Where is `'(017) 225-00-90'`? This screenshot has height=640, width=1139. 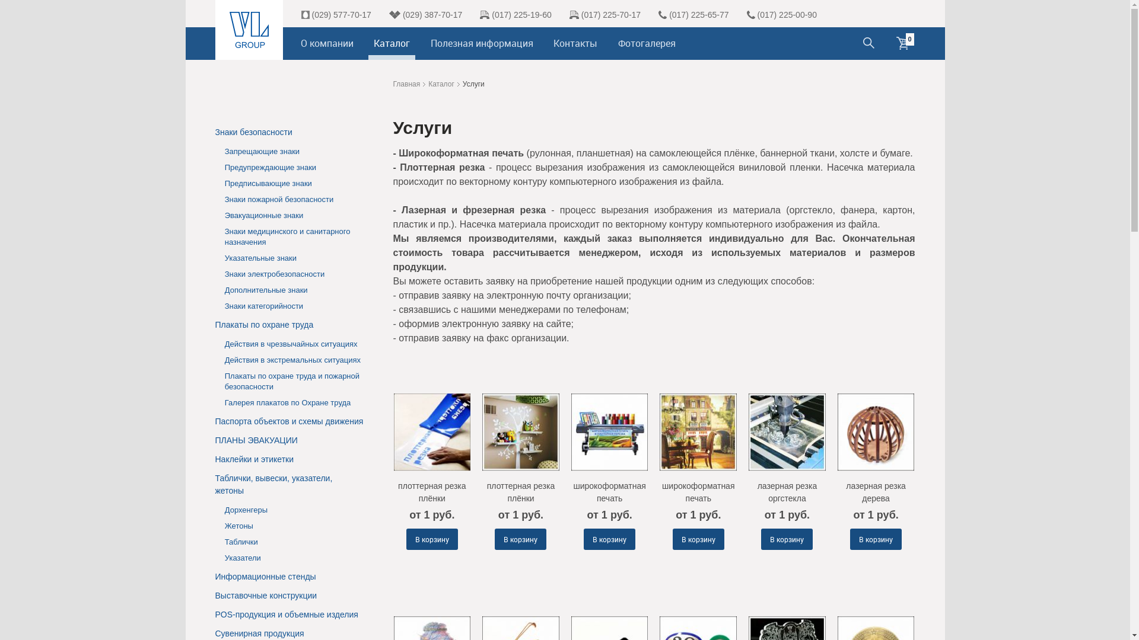 '(017) 225-00-90' is located at coordinates (787, 14).